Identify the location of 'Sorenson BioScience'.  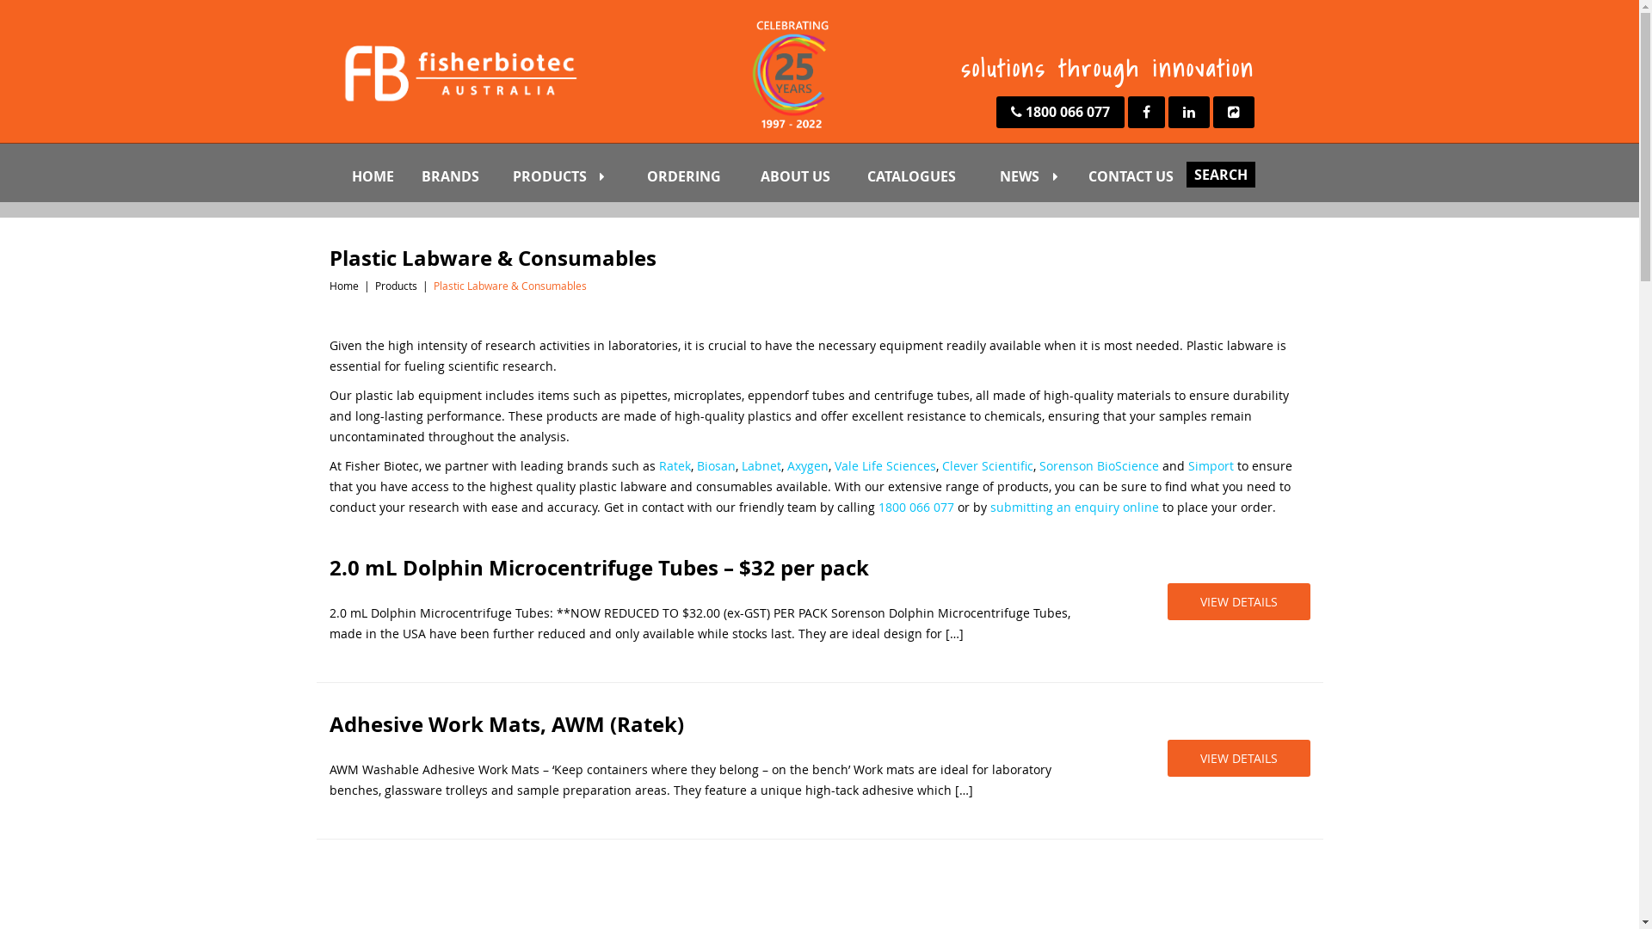
(1098, 465).